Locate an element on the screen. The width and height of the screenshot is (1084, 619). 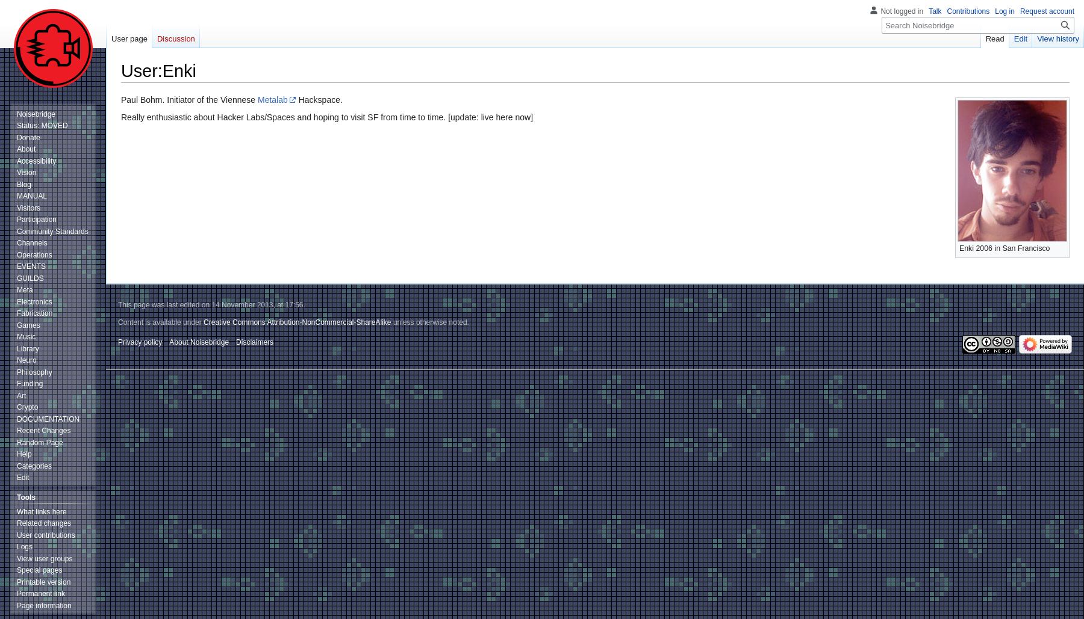
'User' is located at coordinates (138, 70).